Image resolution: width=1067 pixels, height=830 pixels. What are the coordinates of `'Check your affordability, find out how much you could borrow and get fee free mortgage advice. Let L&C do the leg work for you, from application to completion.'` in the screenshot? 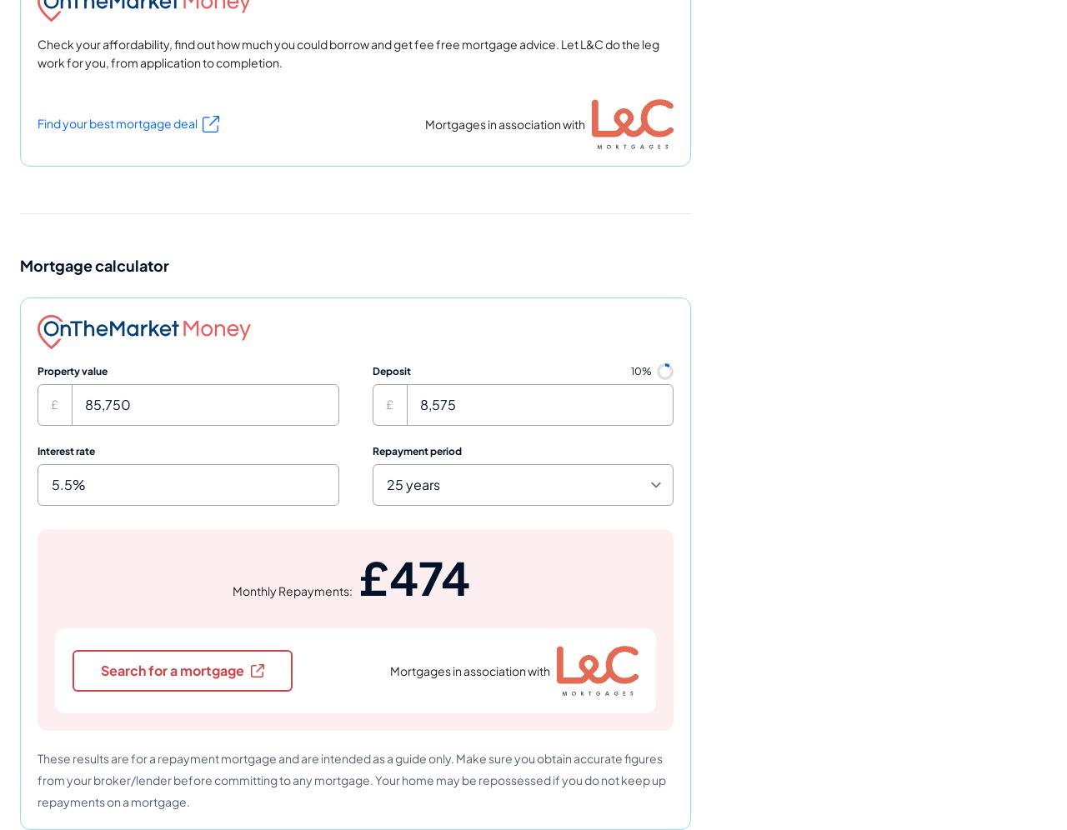 It's located at (38, 52).